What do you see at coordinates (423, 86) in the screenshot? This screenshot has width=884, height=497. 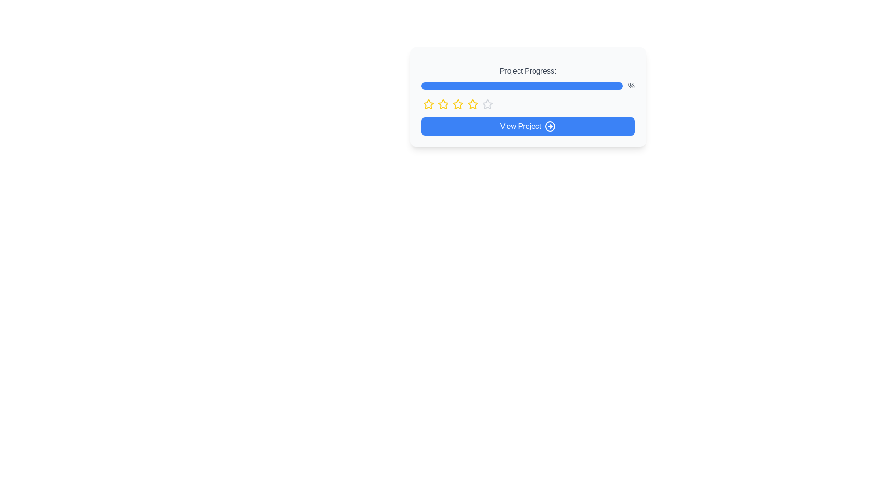 I see `progress` at bounding box center [423, 86].